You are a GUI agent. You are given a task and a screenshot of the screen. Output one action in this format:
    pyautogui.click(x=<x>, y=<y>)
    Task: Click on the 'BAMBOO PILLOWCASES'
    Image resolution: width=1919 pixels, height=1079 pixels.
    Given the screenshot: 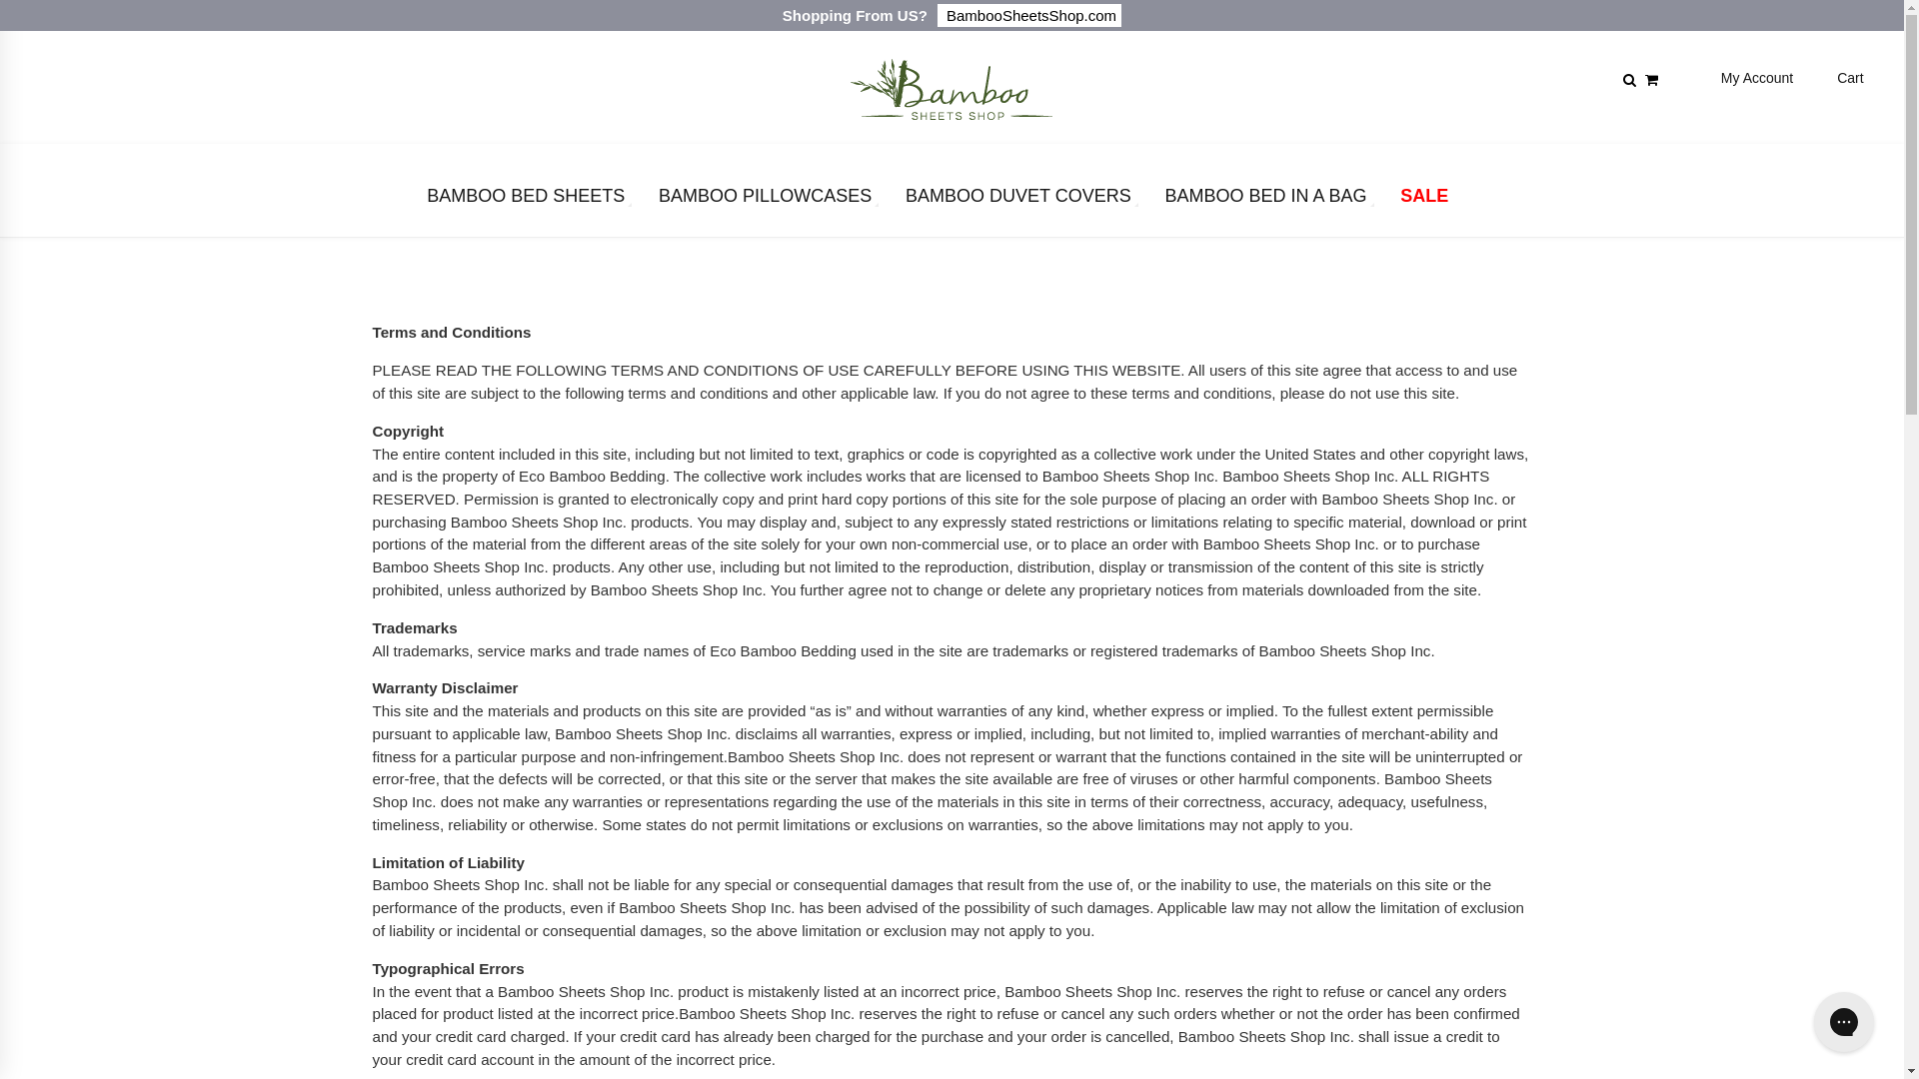 What is the action you would take?
    pyautogui.click(x=653, y=200)
    